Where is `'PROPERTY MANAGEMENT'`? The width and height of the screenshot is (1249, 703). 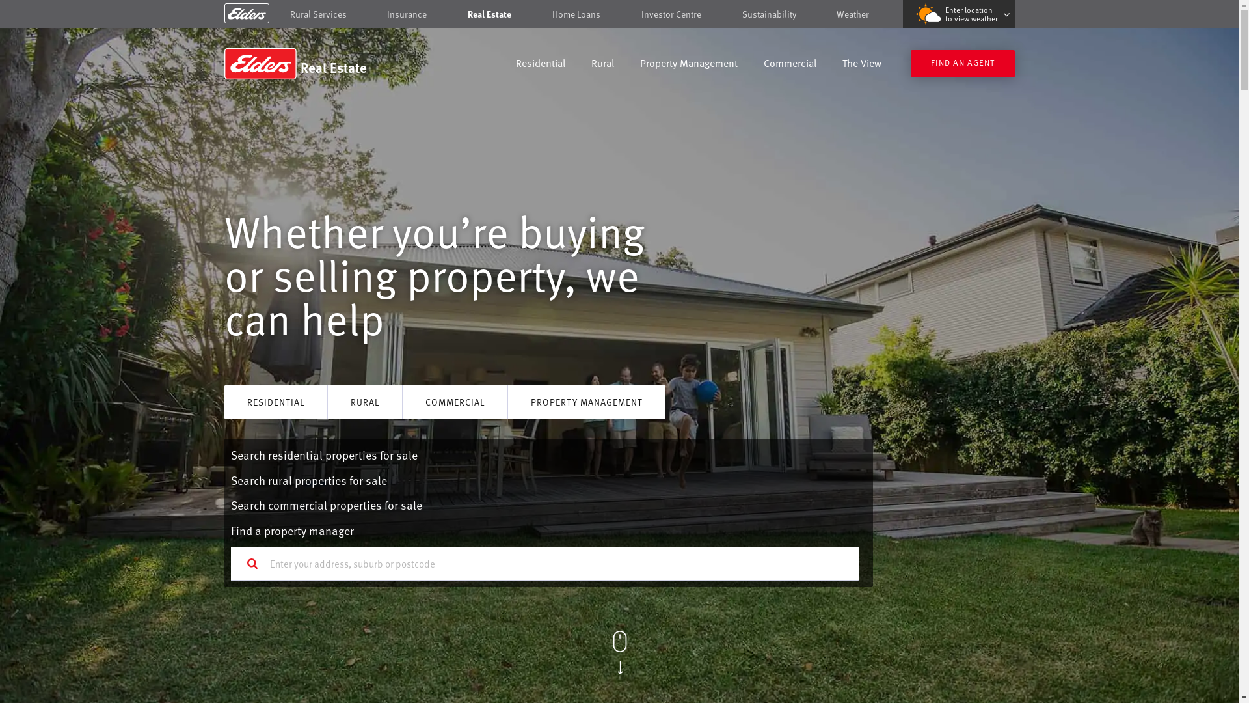
'PROPERTY MANAGEMENT' is located at coordinates (585, 401).